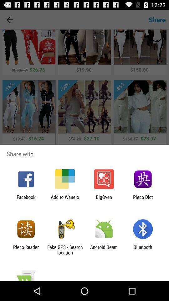 The width and height of the screenshot is (169, 301). What do you see at coordinates (104, 250) in the screenshot?
I see `app to the left of the bluetooth` at bounding box center [104, 250].